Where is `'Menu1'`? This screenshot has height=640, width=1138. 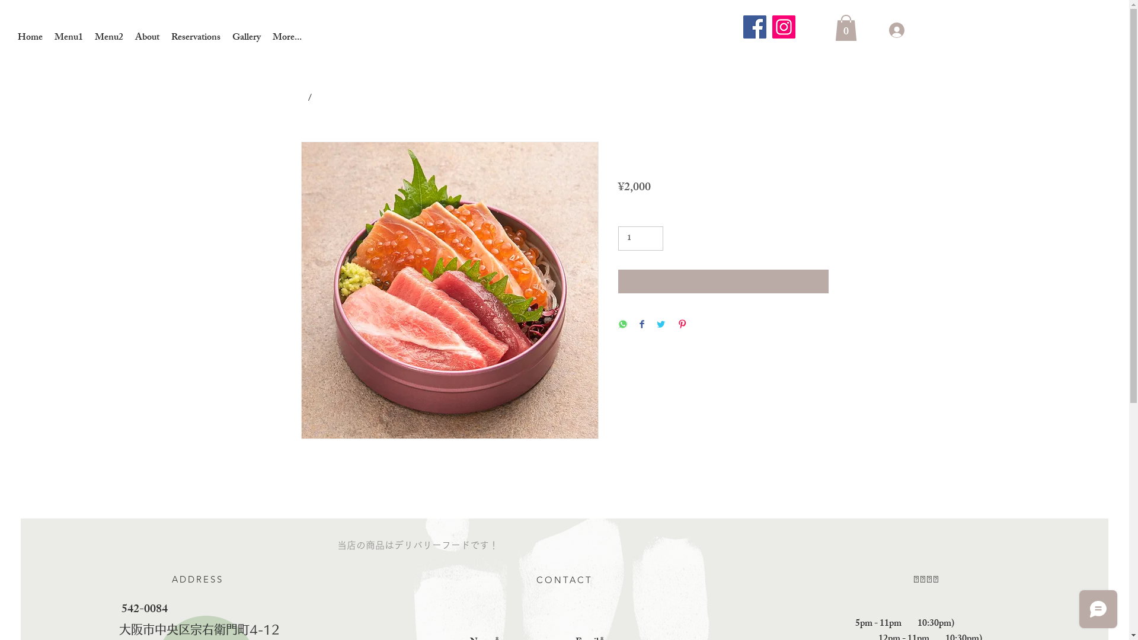 'Menu1' is located at coordinates (68, 37).